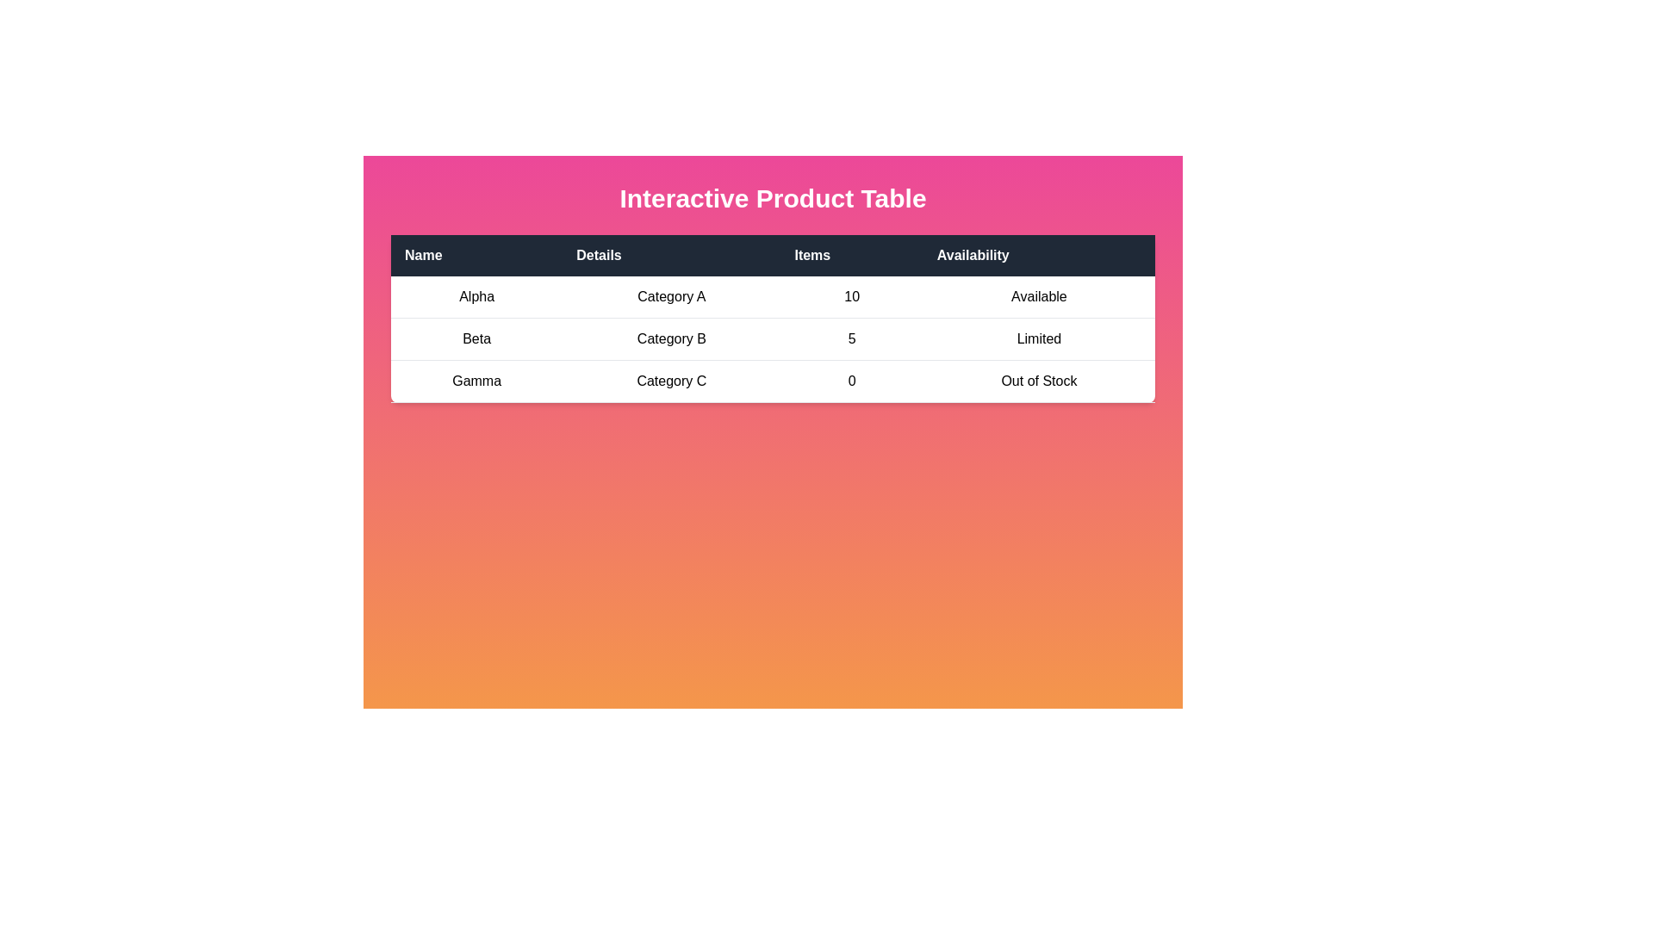 This screenshot has width=1654, height=930. Describe the element at coordinates (852, 338) in the screenshot. I see `the content of the cell representing the count or quantity of items related to 'Category B' in the table layout` at that location.